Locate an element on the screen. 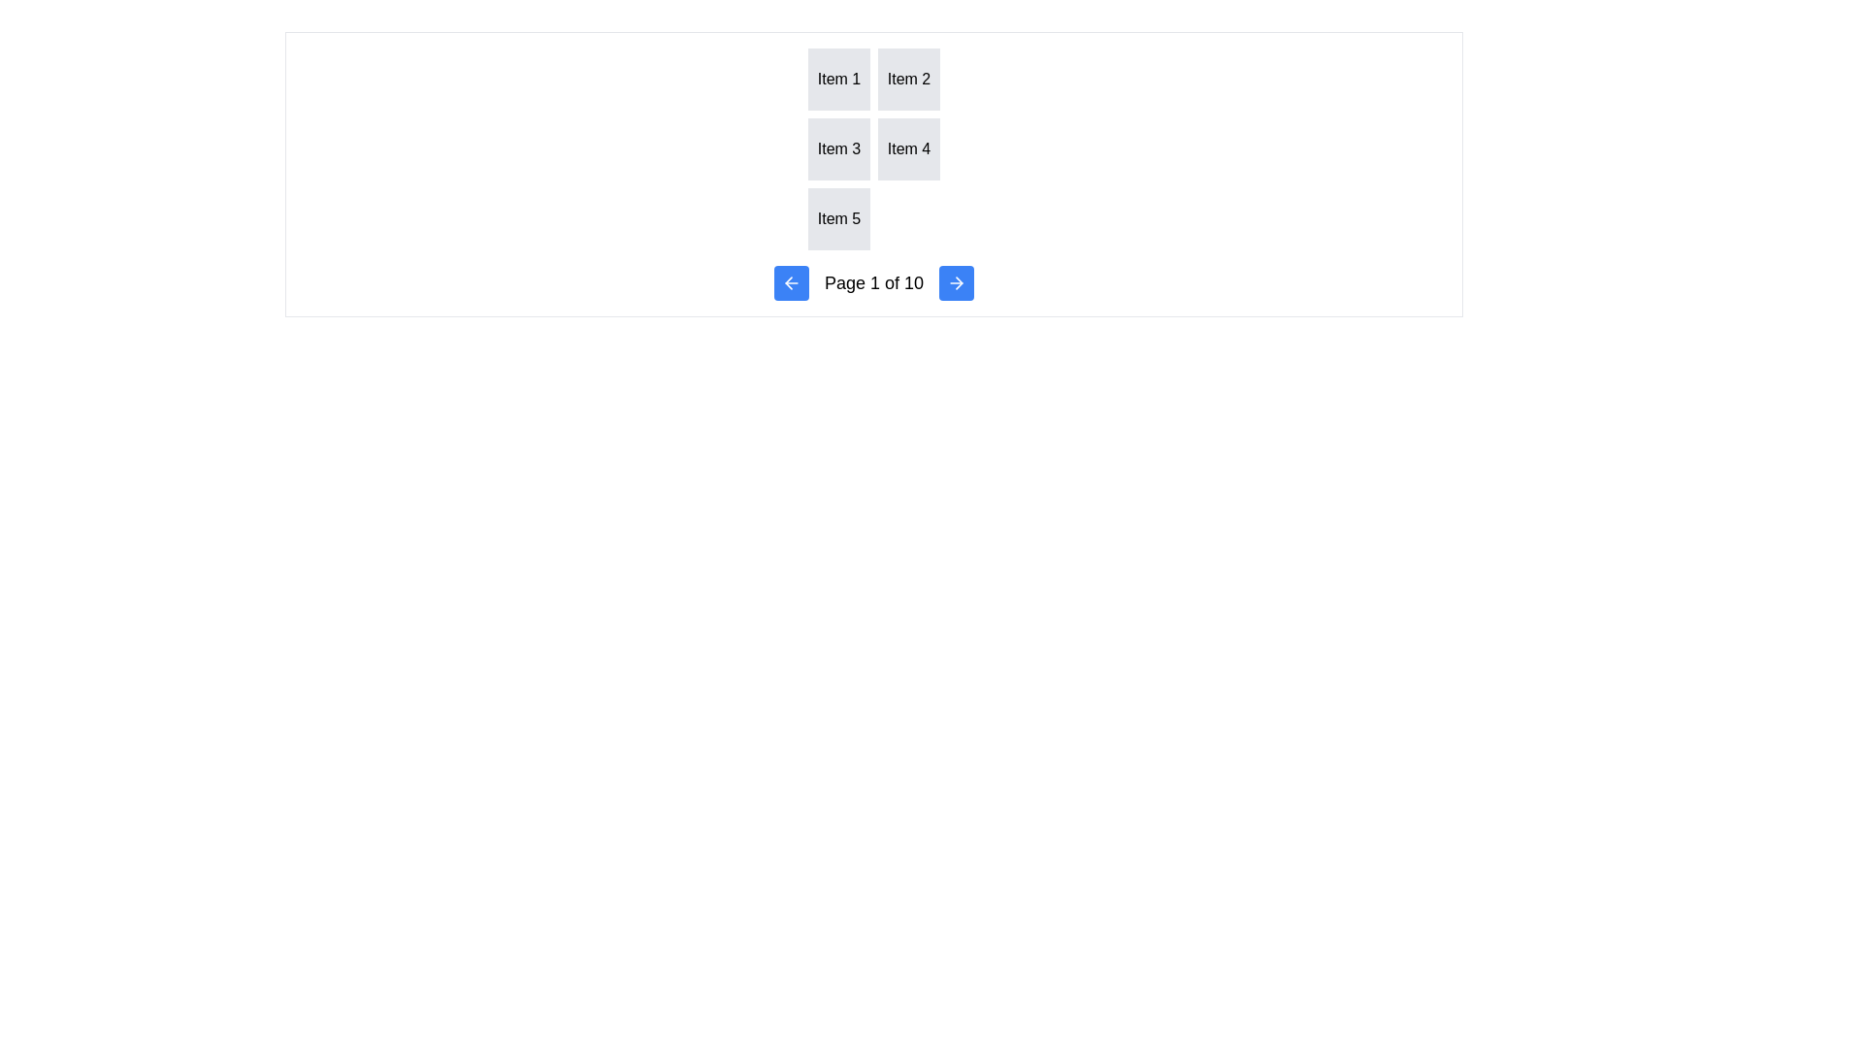  the left-pointing arrow button with a blue background is located at coordinates (792, 283).